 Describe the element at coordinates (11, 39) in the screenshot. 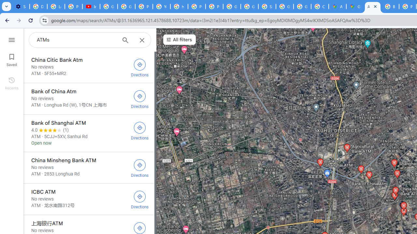

I see `'Menu'` at that location.